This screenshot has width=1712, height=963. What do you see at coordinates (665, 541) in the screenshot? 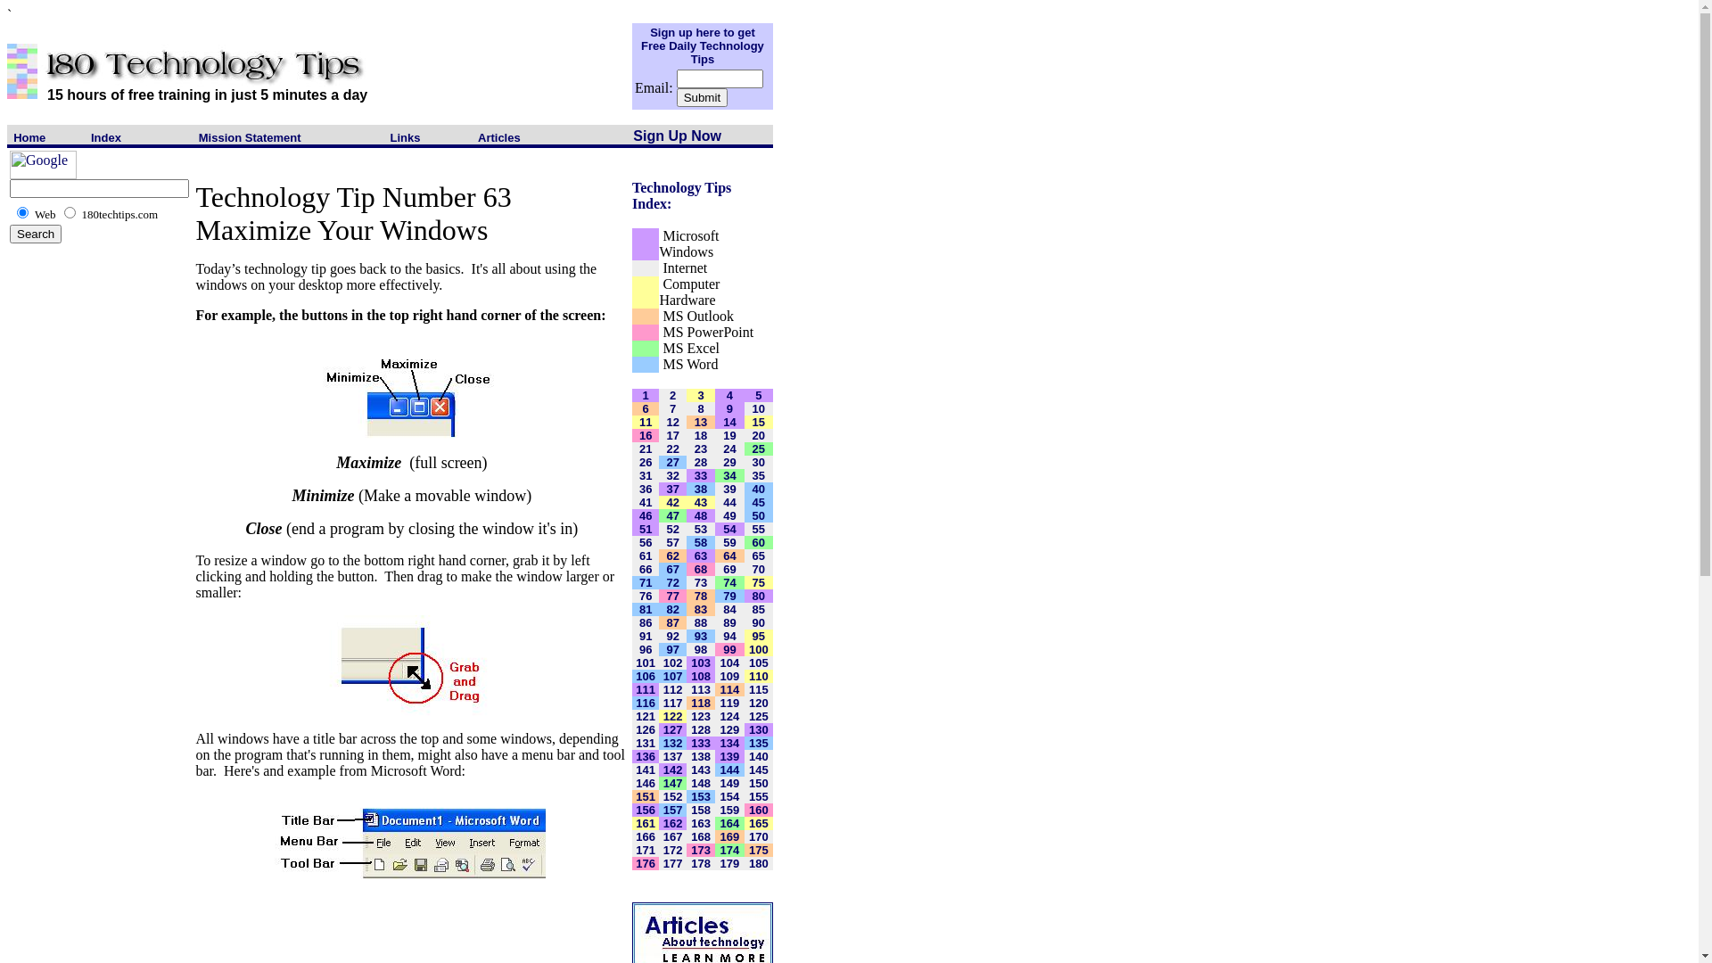
I see `'57'` at bounding box center [665, 541].